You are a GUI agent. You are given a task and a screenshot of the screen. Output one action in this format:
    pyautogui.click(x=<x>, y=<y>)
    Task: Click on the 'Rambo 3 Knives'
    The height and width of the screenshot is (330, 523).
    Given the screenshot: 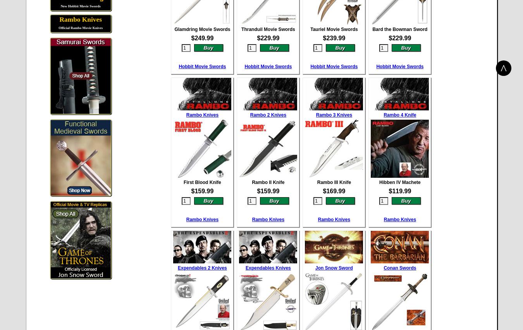 What is the action you would take?
    pyautogui.click(x=334, y=114)
    